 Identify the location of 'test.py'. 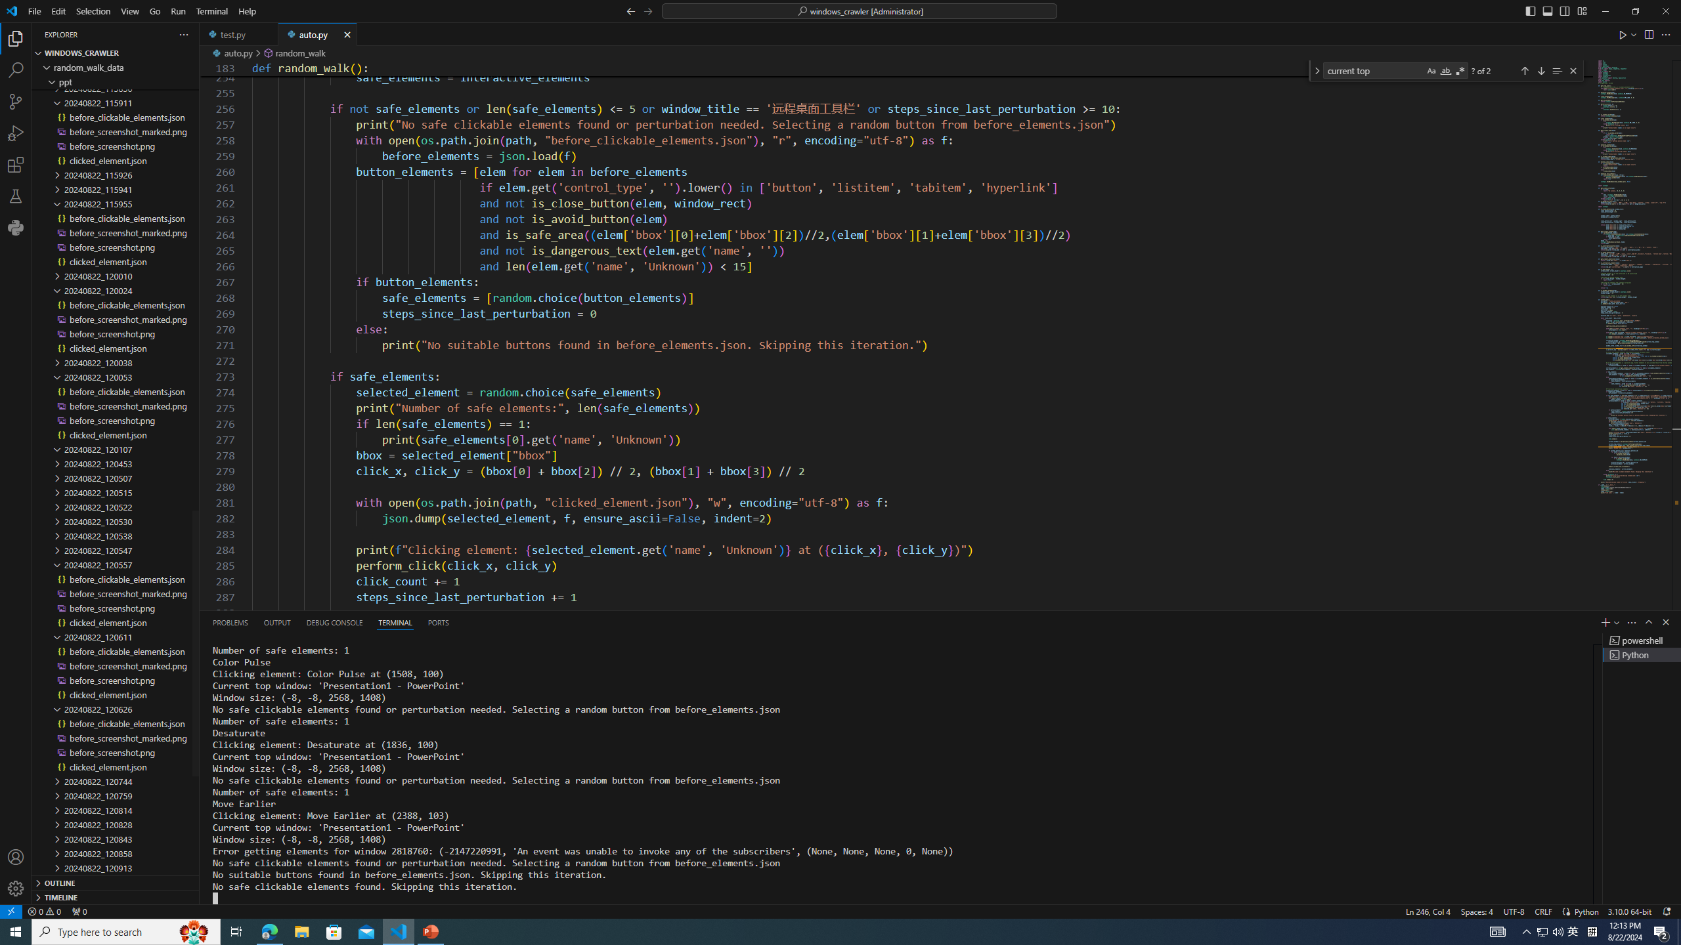
(238, 33).